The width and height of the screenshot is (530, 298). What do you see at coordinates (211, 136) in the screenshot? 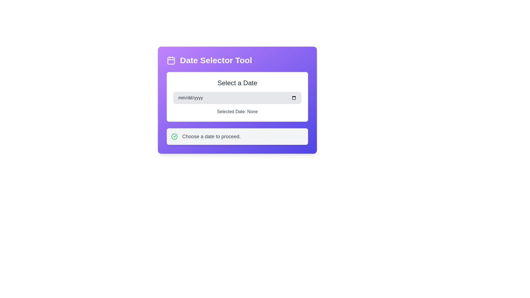
I see `the instructional label that reads 'Choose a date to proceed.' This label is styled in medium gray and is positioned below the main date input area, to the right of a green check icon` at bounding box center [211, 136].